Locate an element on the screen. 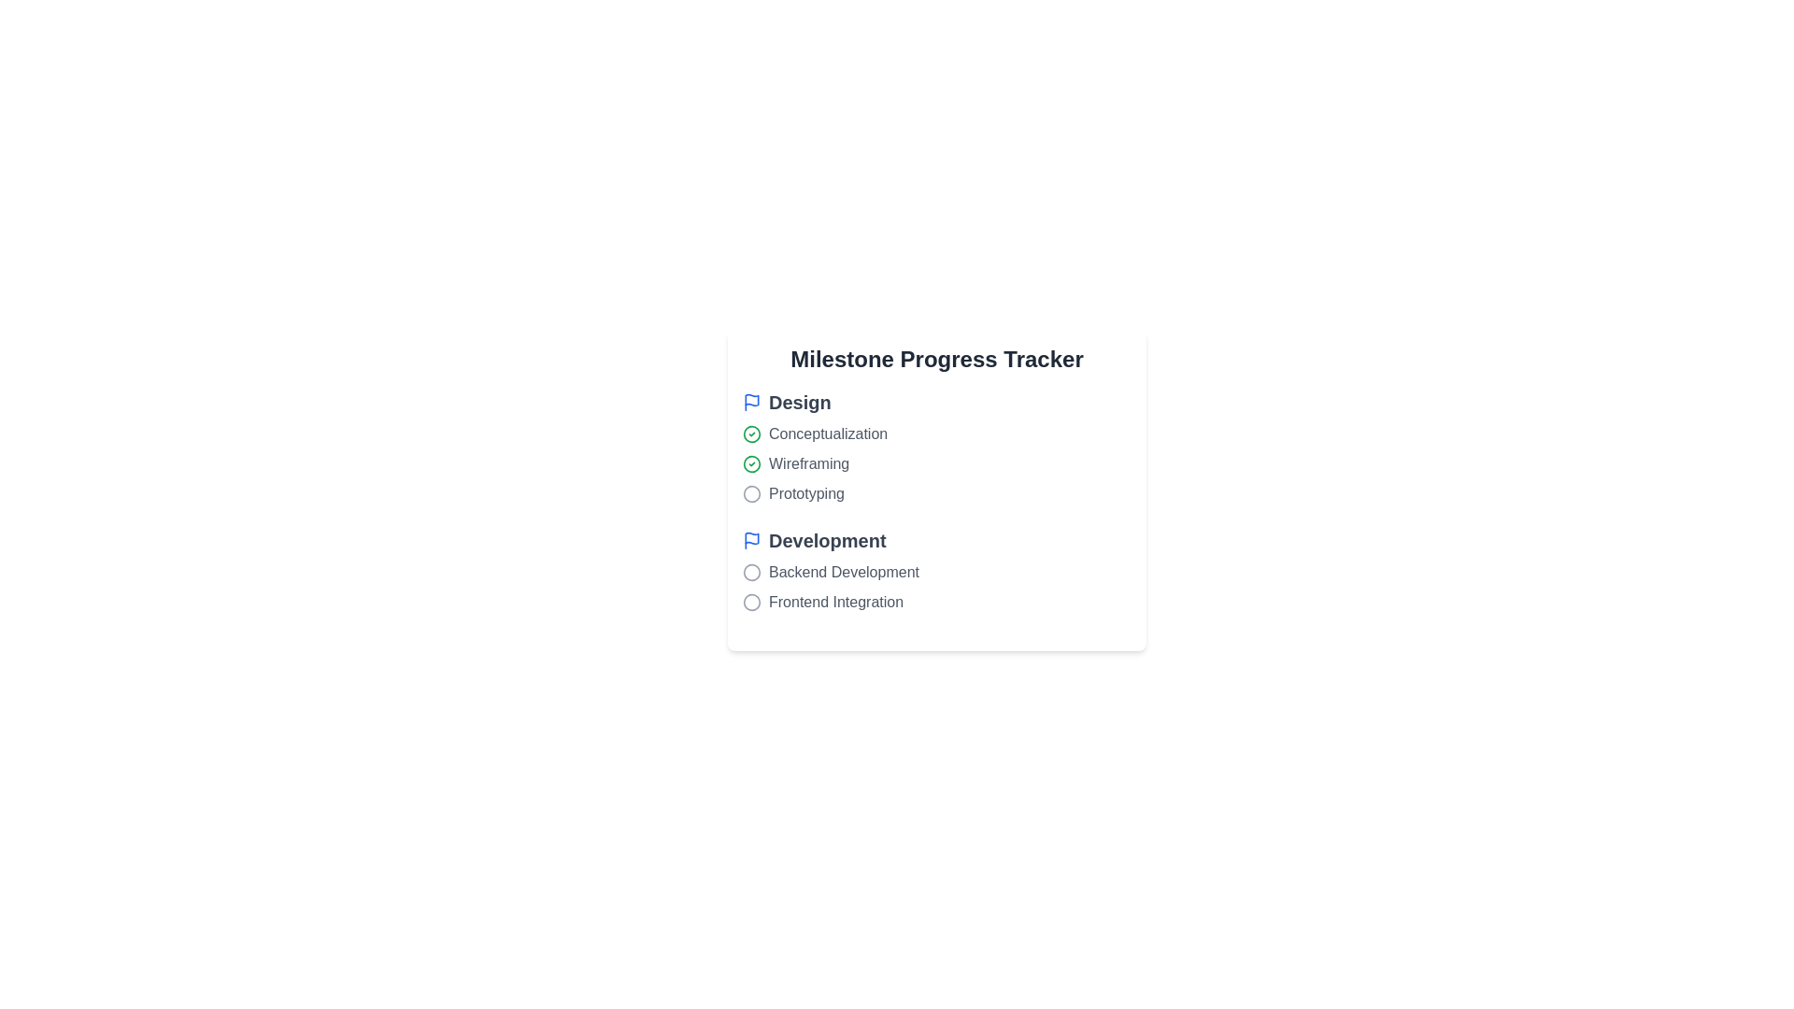  the 'Design' category icon located in the top-left corner of the 'Design' section, adjacent to the heading text 'Design' is located at coordinates (752, 402).